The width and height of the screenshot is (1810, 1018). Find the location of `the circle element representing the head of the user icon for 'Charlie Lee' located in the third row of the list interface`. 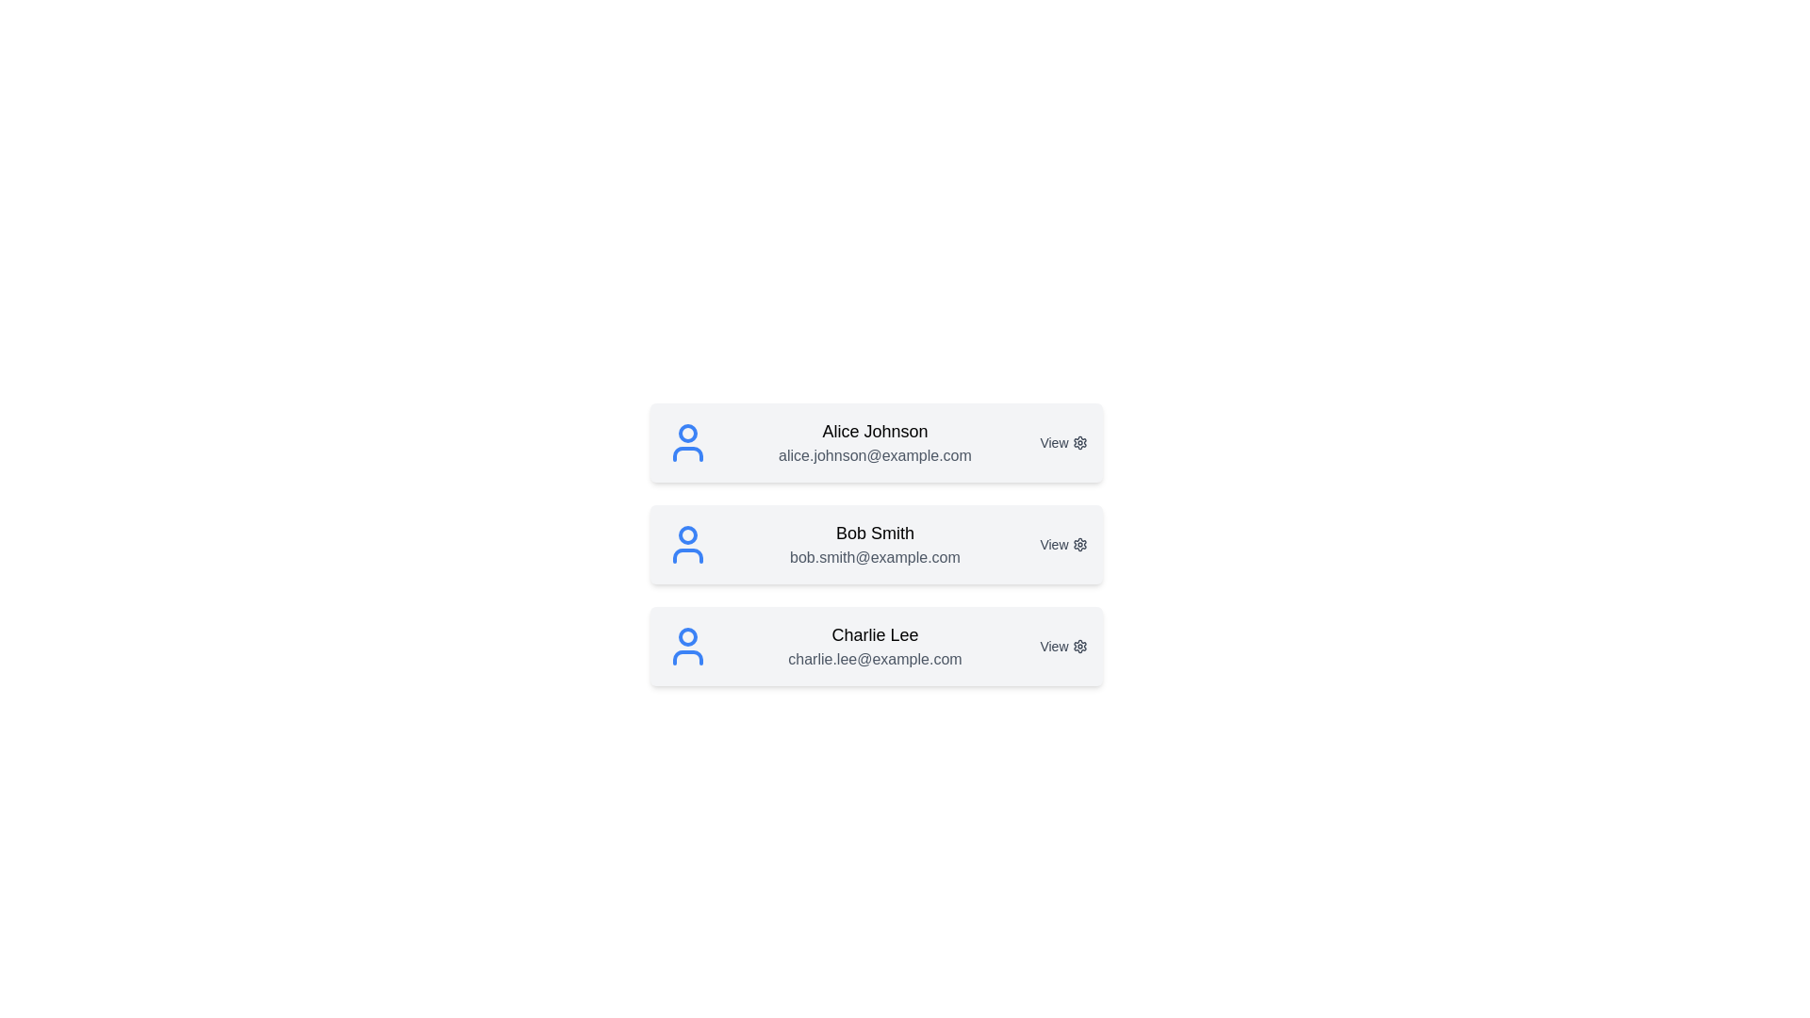

the circle element representing the head of the user icon for 'Charlie Lee' located in the third row of the list interface is located at coordinates (686, 636).